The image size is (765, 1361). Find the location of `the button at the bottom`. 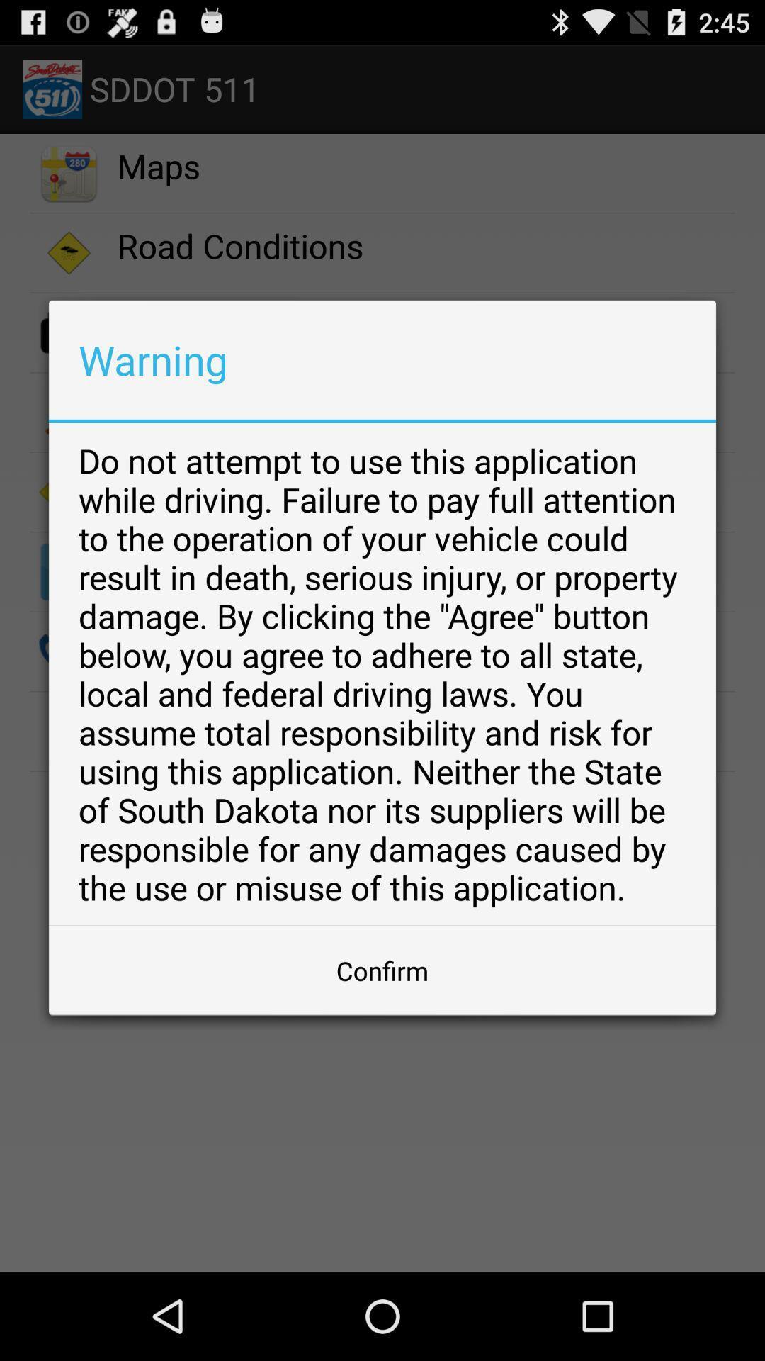

the button at the bottom is located at coordinates (382, 970).